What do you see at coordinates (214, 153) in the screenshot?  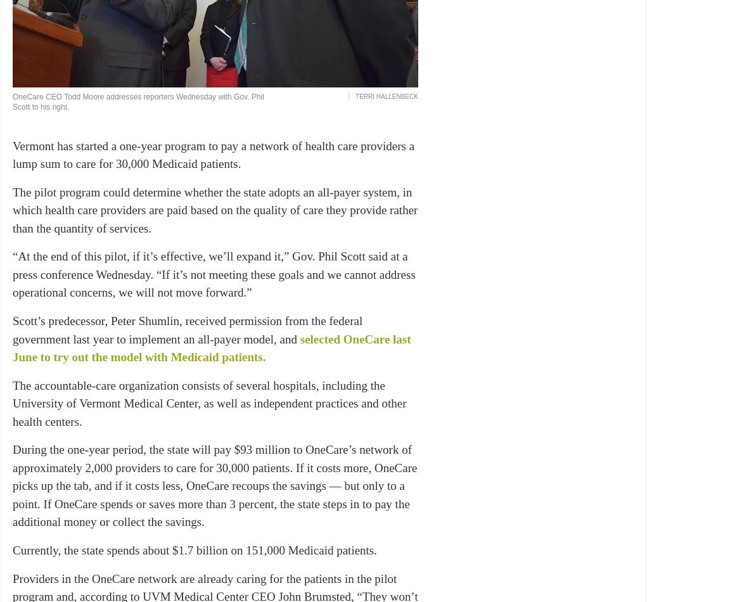 I see `'Vermont has started a one-year program to pay a network of health care providers a lump sum to care for 30,000 Medicaid patients.'` at bounding box center [214, 153].